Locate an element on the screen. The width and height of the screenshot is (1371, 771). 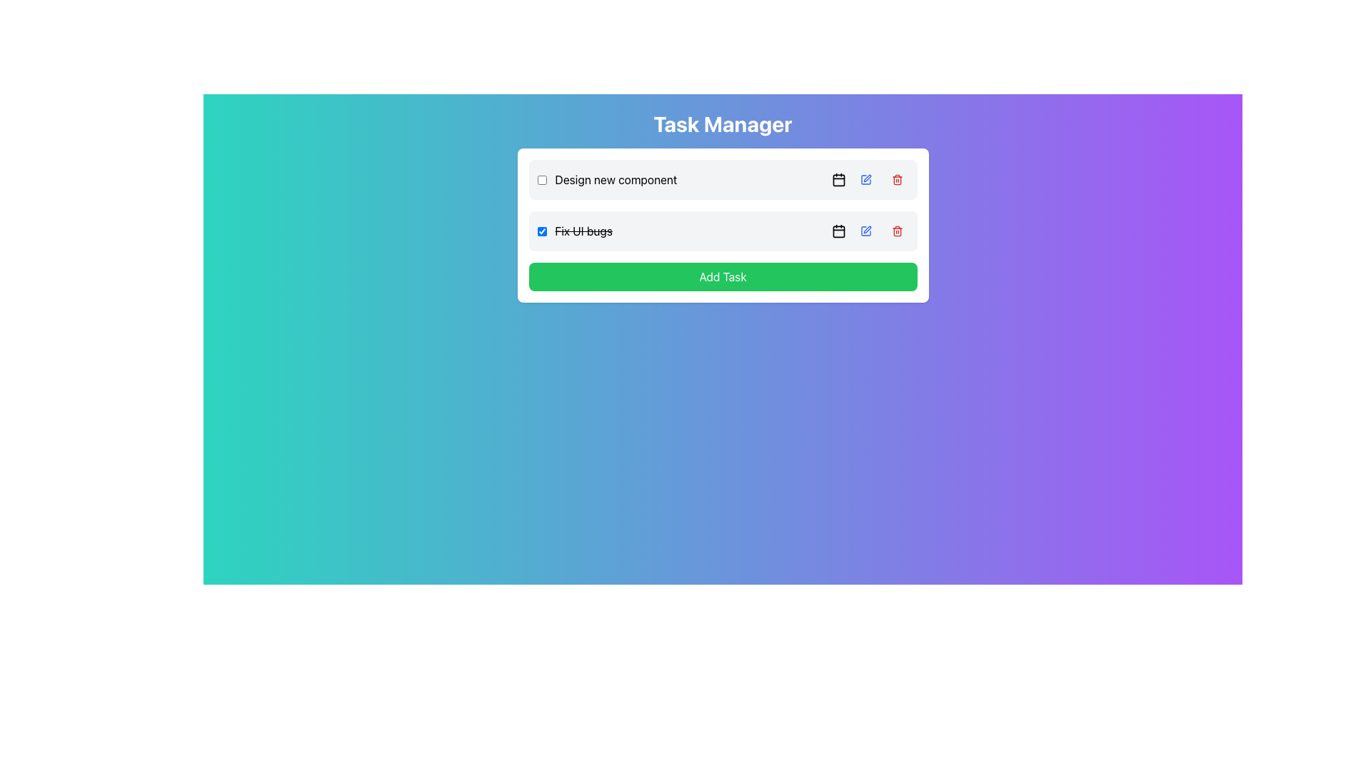
the edit action icon located to the right of the task description in the task manager interface is located at coordinates (866, 178).